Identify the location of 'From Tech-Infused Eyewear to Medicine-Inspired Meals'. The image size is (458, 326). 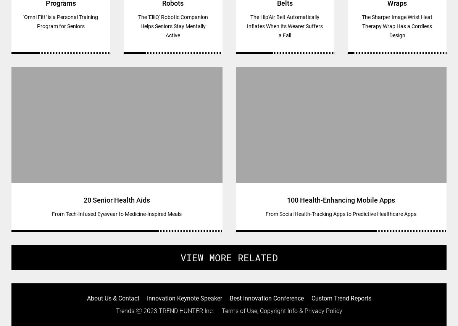
(52, 213).